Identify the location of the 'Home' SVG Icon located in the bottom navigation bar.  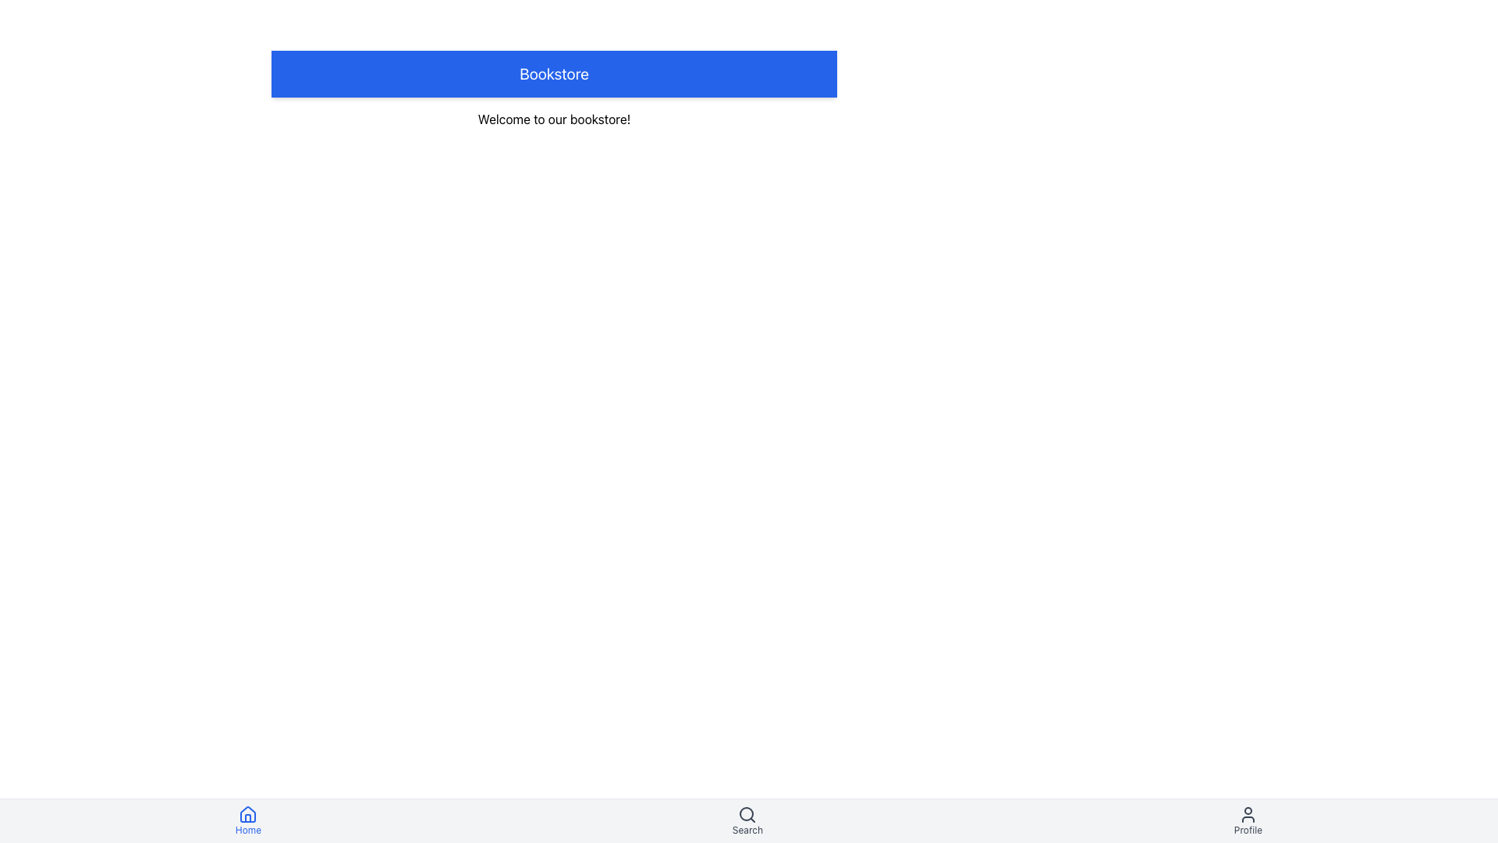
(247, 814).